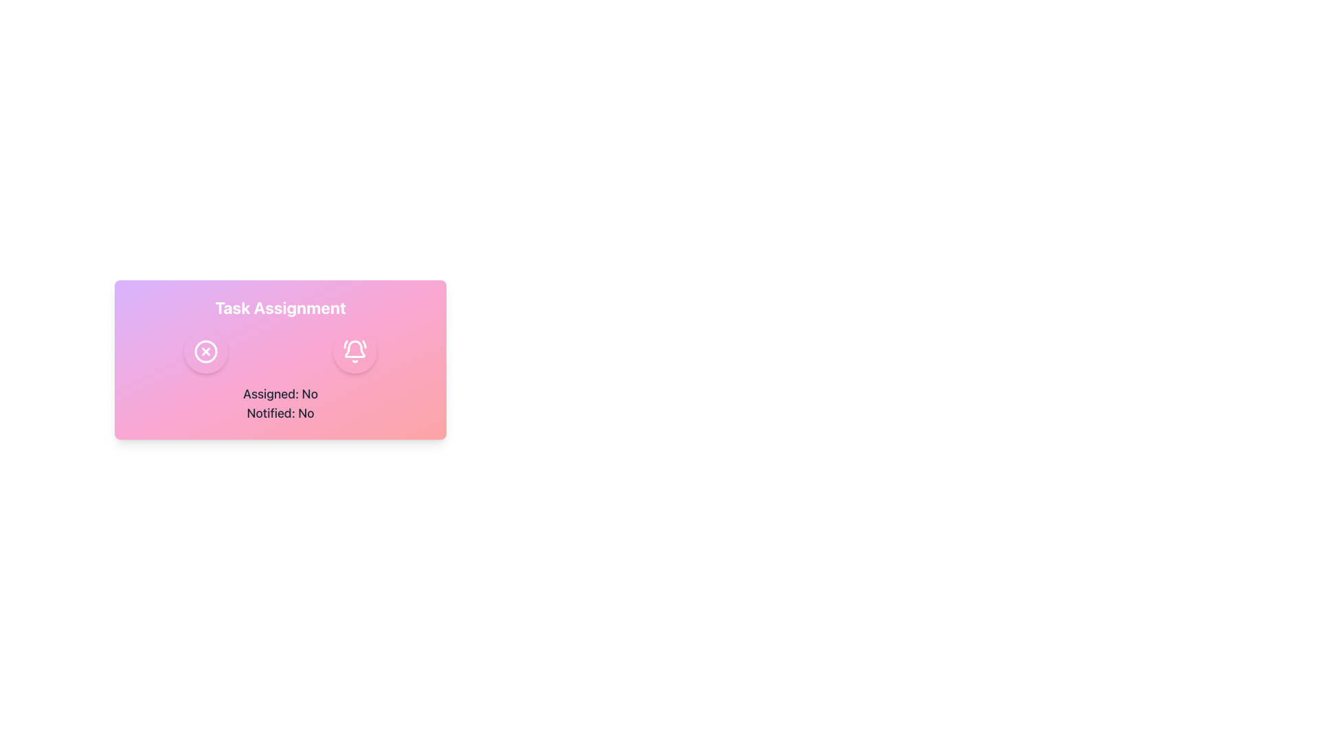 This screenshot has width=1319, height=742. What do you see at coordinates (205, 351) in the screenshot?
I see `the SVG Circle located in the left section of the 'Task Assignment' card, which may serve as a clickable area` at bounding box center [205, 351].